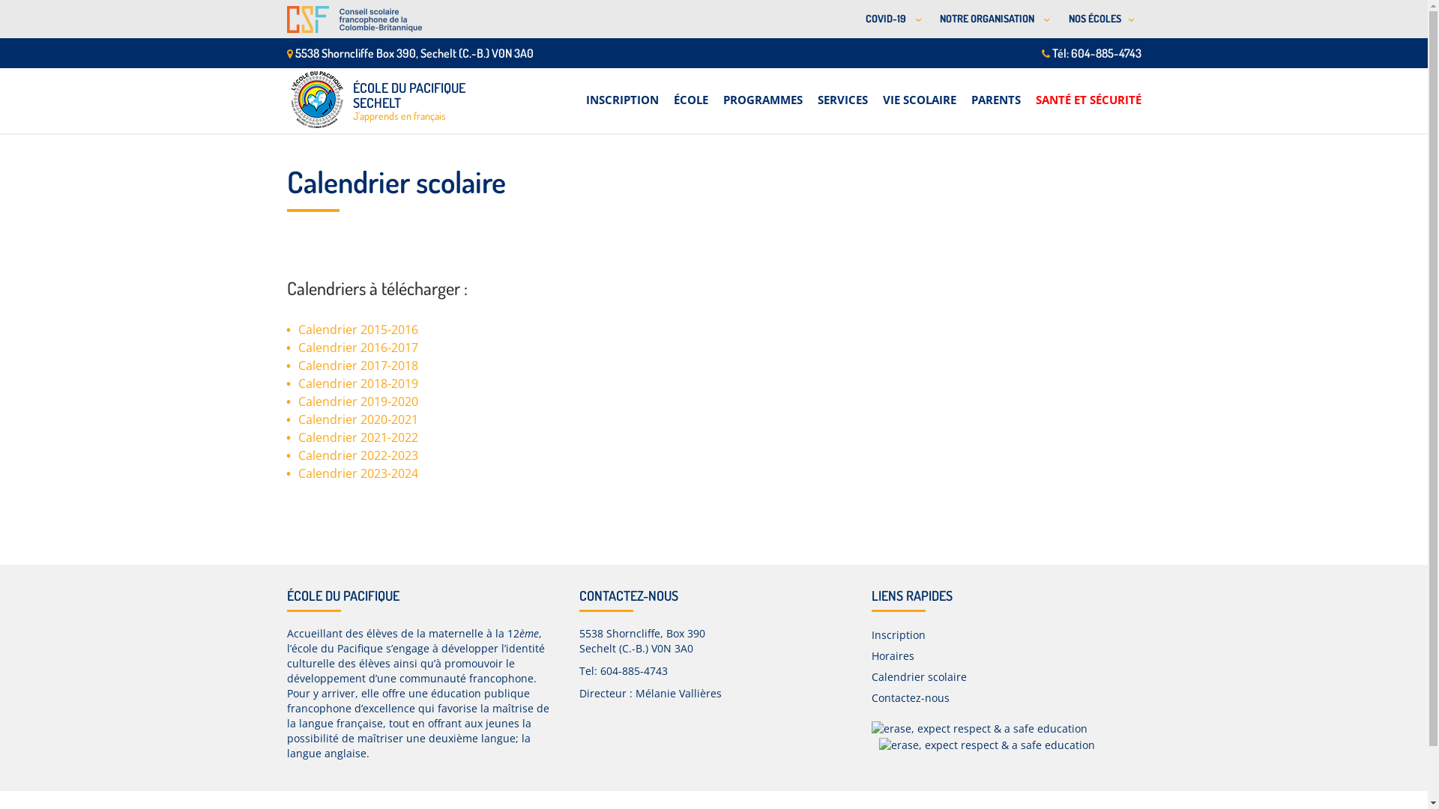  Describe the element at coordinates (622, 91) in the screenshot. I see `'INSCRIPTION'` at that location.